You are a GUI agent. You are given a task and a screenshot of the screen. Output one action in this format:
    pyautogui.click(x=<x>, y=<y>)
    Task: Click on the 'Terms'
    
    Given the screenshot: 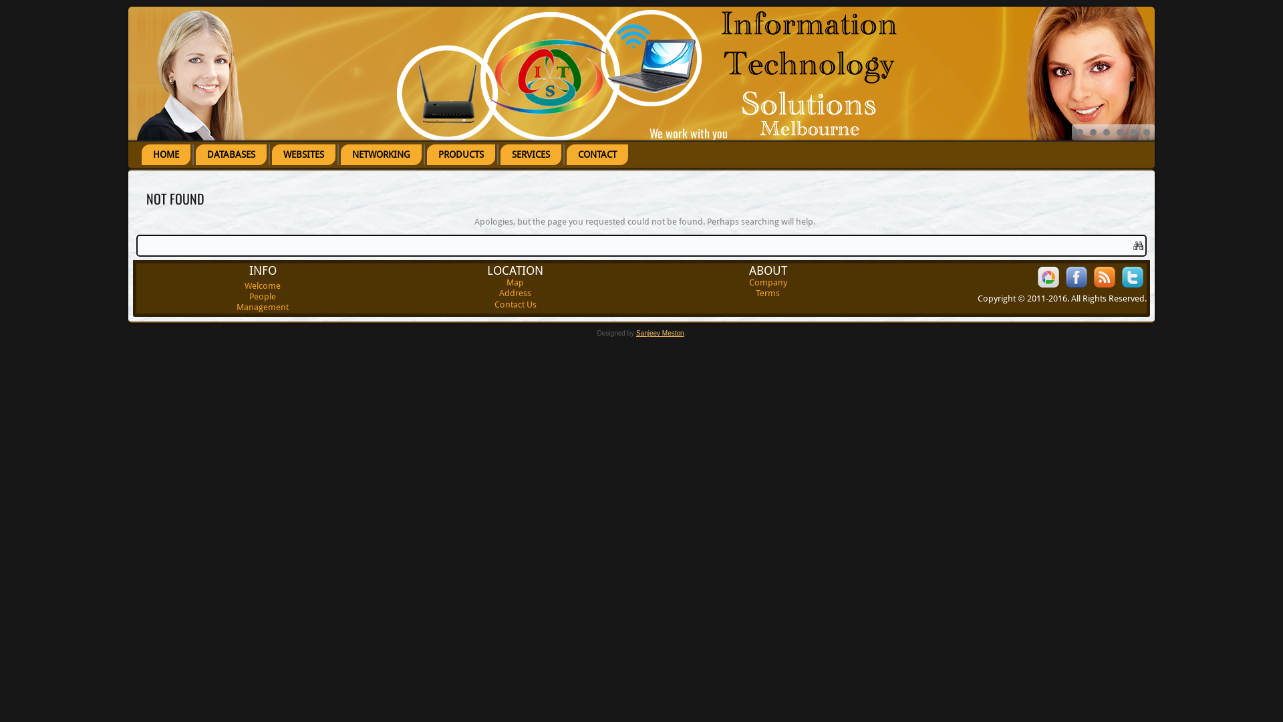 What is the action you would take?
    pyautogui.click(x=767, y=292)
    